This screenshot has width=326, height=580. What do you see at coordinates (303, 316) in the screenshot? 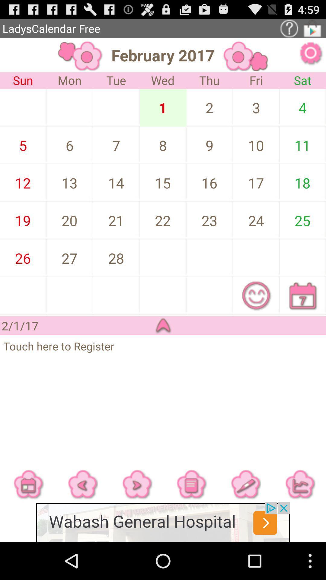
I see `the date_range icon` at bounding box center [303, 316].